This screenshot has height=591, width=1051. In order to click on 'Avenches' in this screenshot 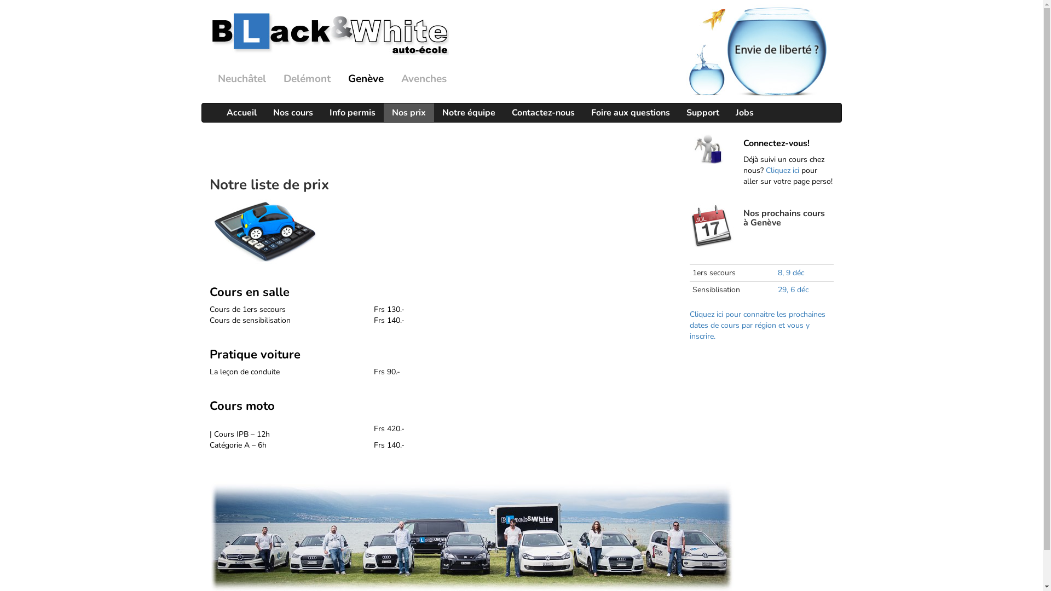, I will do `click(423, 78)`.